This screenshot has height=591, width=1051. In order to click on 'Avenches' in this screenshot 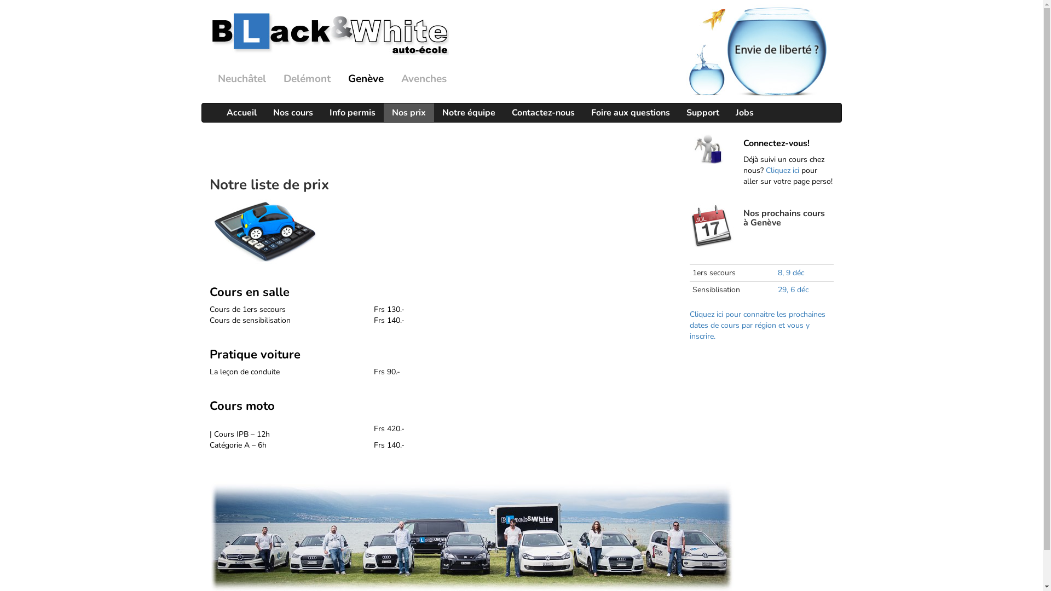, I will do `click(423, 78)`.